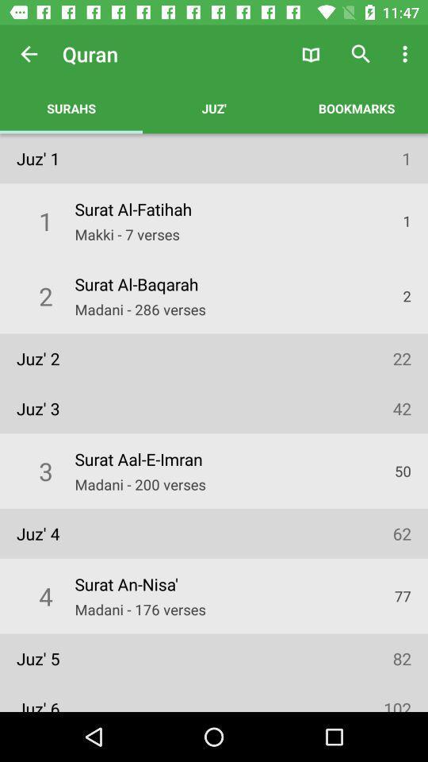 The width and height of the screenshot is (428, 762). I want to click on juz' item, so click(214, 107).